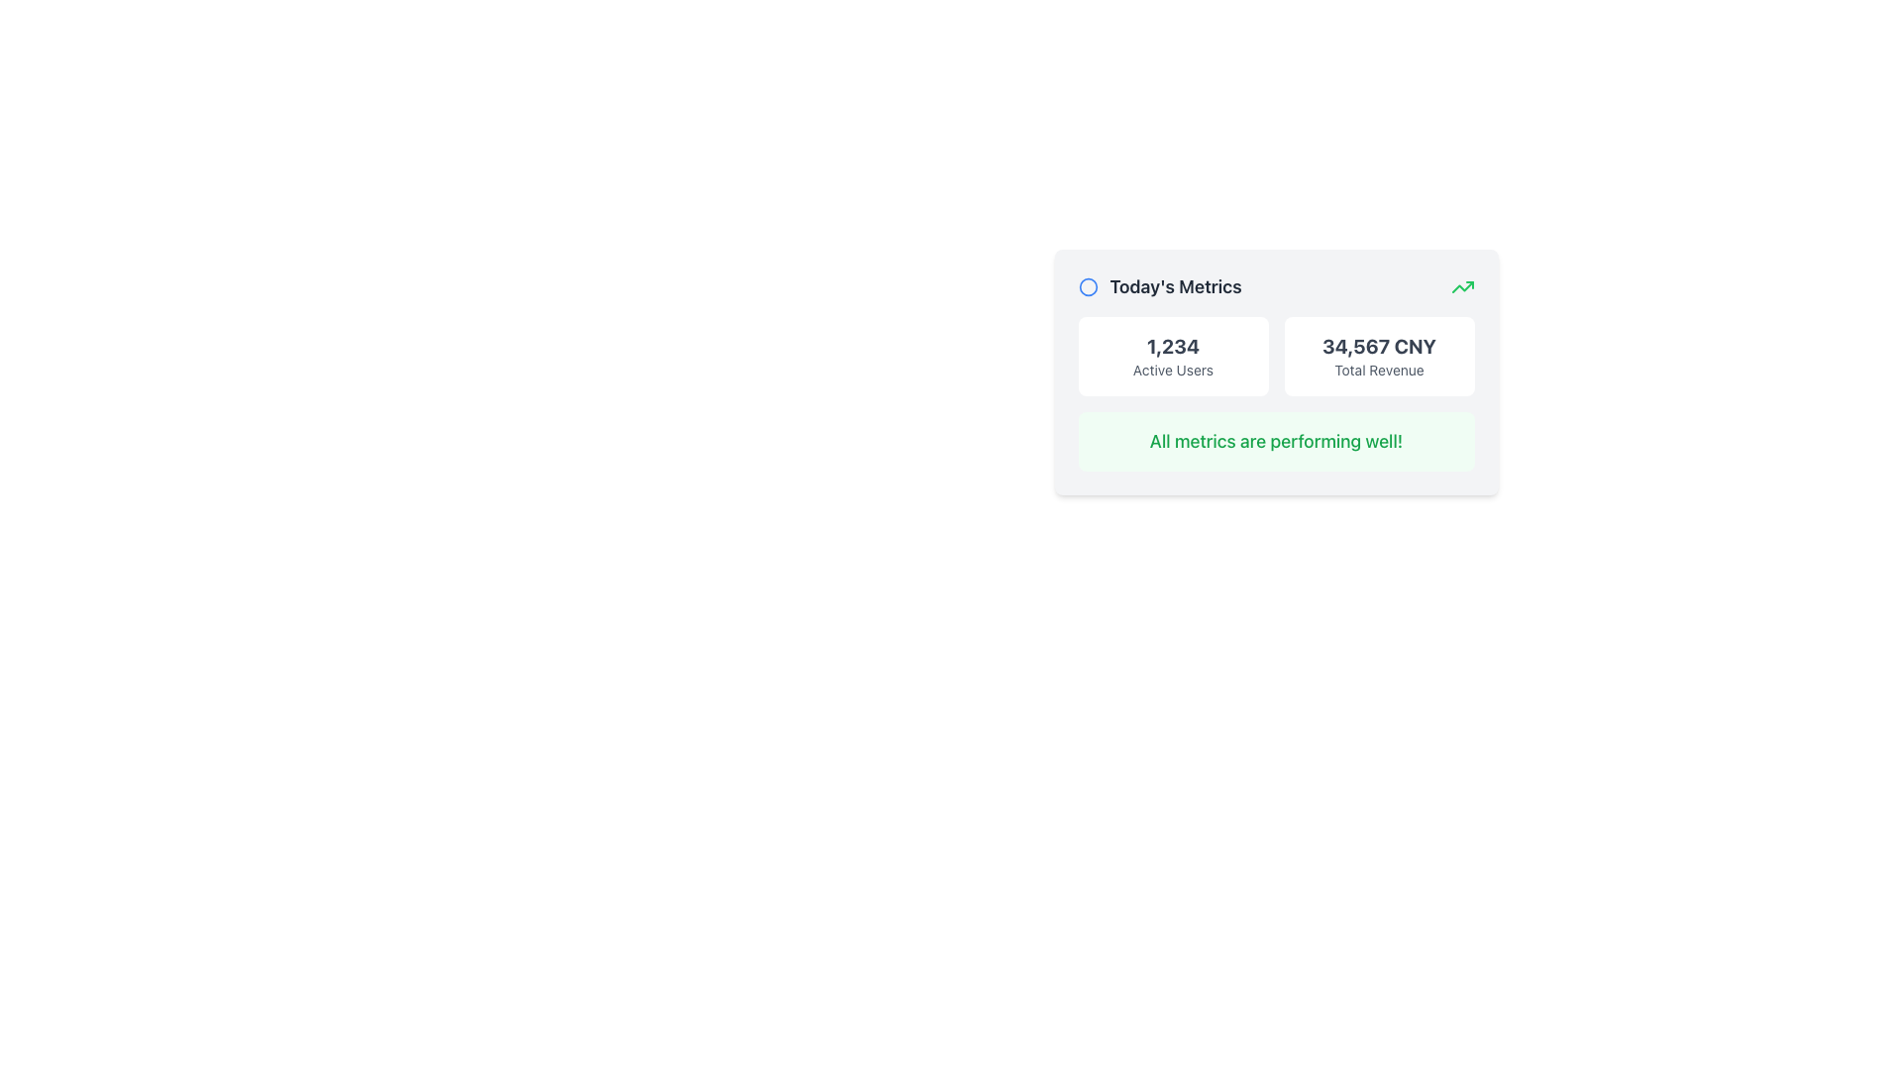 The image size is (1902, 1070). Describe the element at coordinates (1087, 286) in the screenshot. I see `the circular graphical icon with a blue border and white fill located at the top-left corner of the 'Today's Metrics' card` at that location.